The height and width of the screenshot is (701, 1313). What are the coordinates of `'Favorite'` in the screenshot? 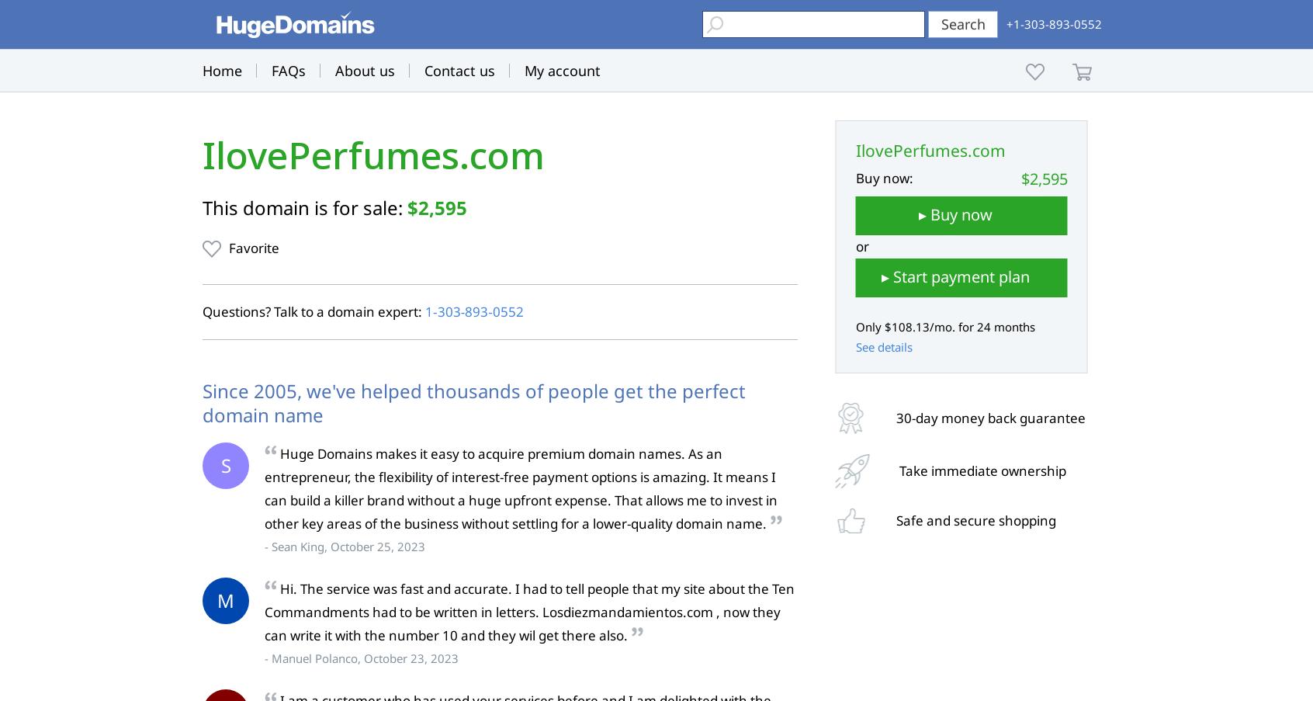 It's located at (253, 247).